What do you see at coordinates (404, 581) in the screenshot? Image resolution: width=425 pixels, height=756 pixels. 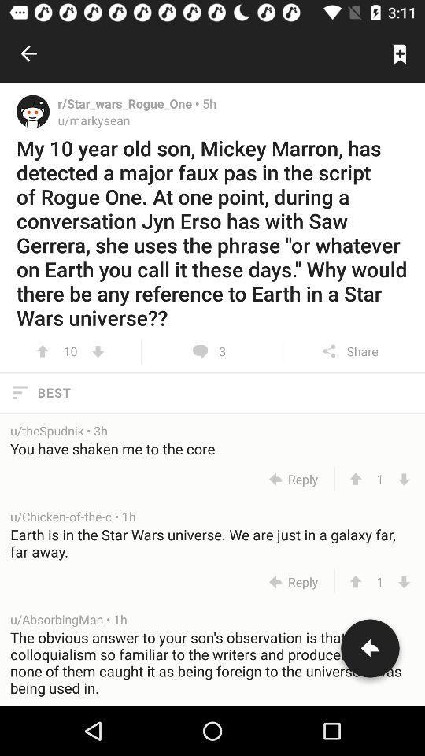 I see `down vote comment` at bounding box center [404, 581].